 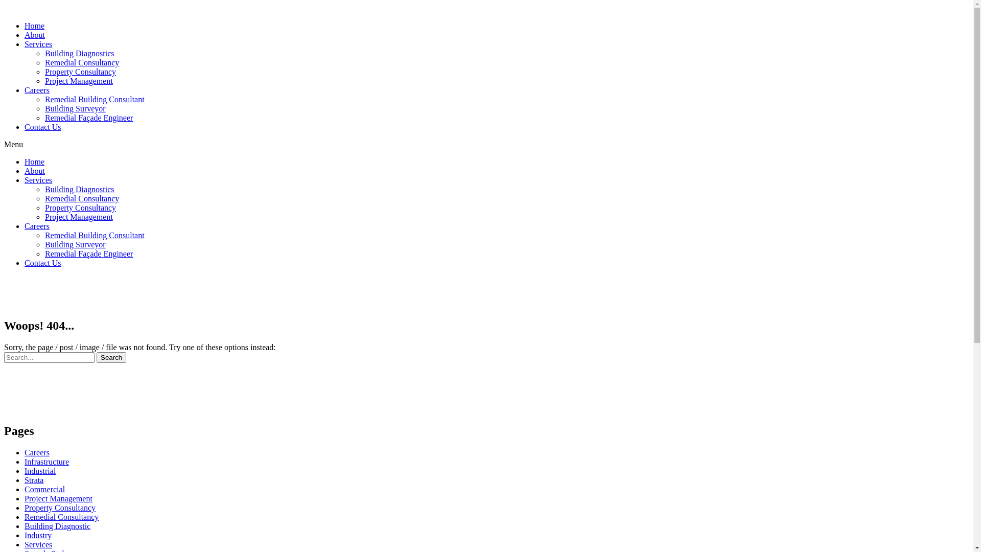 I want to click on 'Search', so click(x=49, y=357).